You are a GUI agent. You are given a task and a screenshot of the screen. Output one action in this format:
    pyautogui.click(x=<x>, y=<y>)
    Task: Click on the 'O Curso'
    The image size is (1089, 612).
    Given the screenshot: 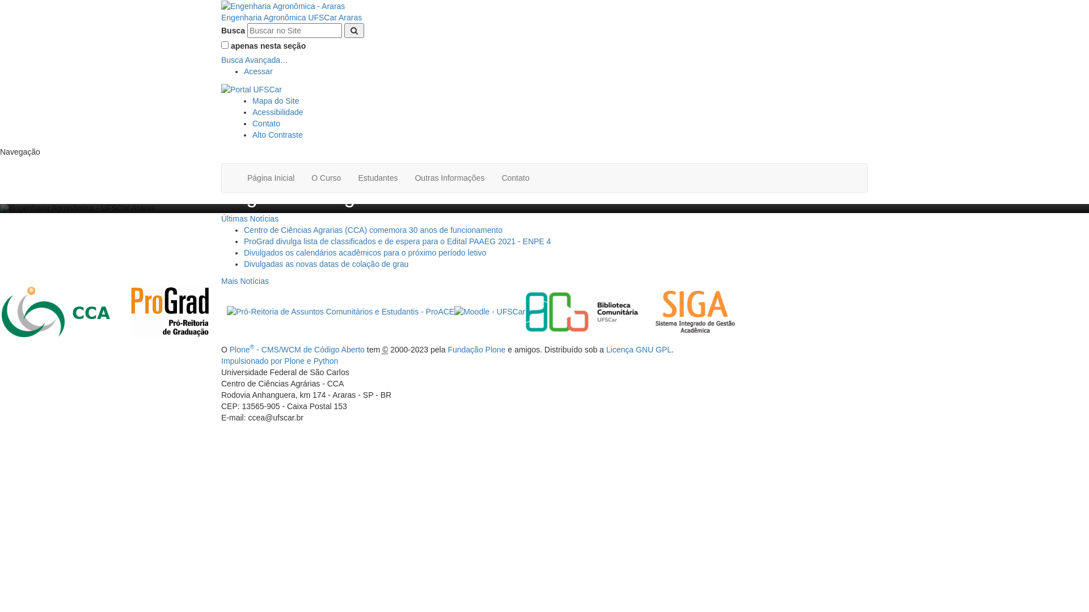 What is the action you would take?
    pyautogui.click(x=326, y=177)
    